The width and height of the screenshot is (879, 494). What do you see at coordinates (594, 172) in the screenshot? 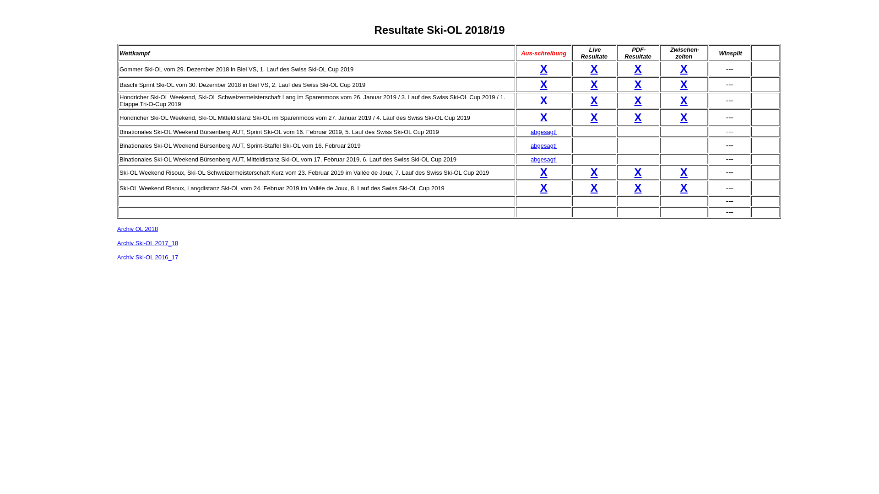
I see `'X'` at bounding box center [594, 172].